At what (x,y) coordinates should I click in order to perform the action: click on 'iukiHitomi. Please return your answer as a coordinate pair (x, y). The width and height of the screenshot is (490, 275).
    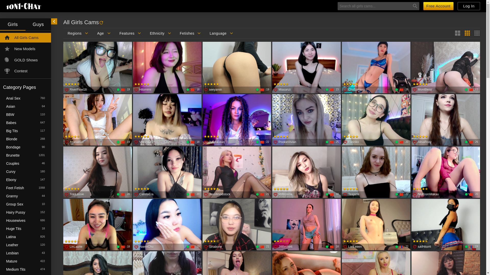
    Looking at the image, I should click on (445, 225).